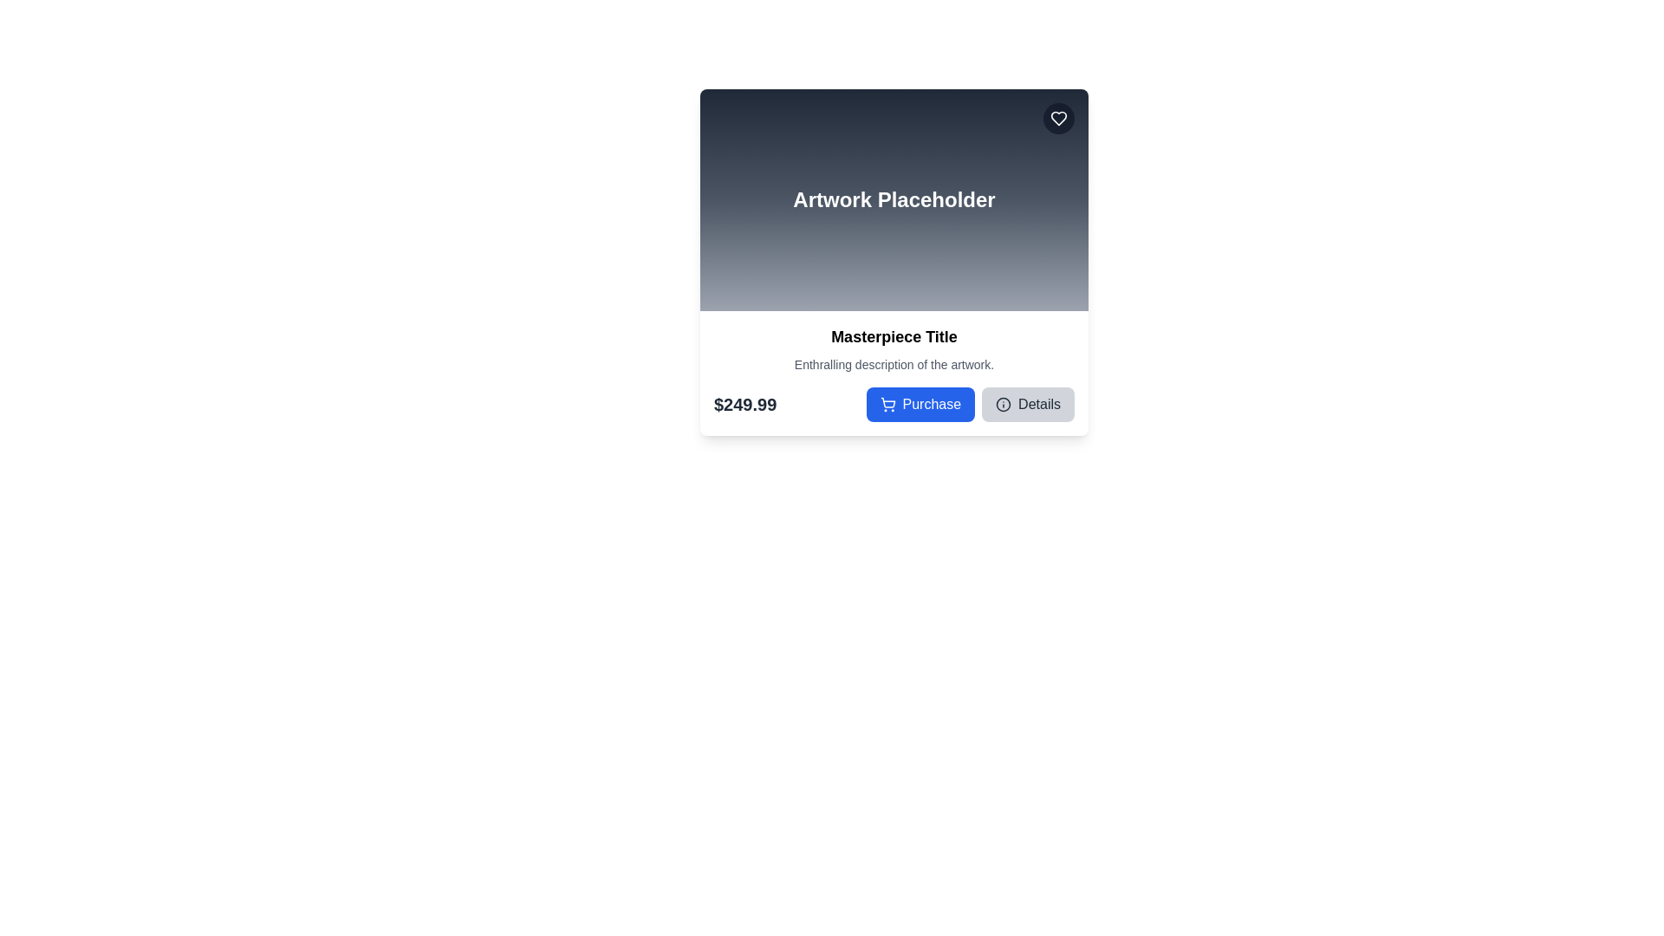 The height and width of the screenshot is (936, 1664). Describe the element at coordinates (887, 404) in the screenshot. I see `the small shopping cart icon, which is styled in white on a blue button labeled 'Purchase', indicating it is a functional element within the card layout` at that location.